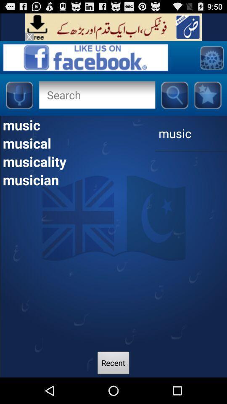 This screenshot has width=227, height=404. Describe the element at coordinates (85, 57) in the screenshot. I see `search option` at that location.